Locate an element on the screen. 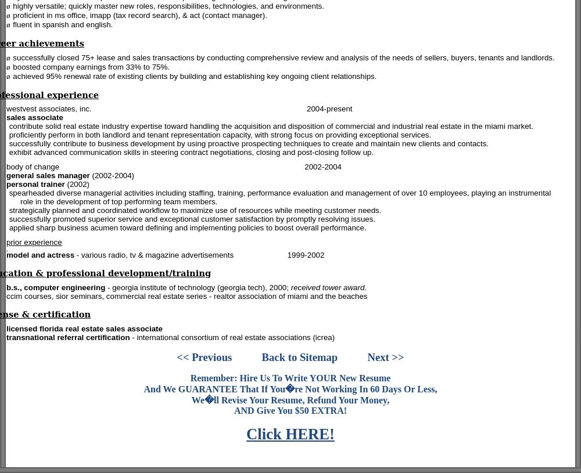 Image resolution: width=581 pixels, height=473 pixels. 'We�ll Revise Your Resume, Refund Your Money,' is located at coordinates (289, 400).